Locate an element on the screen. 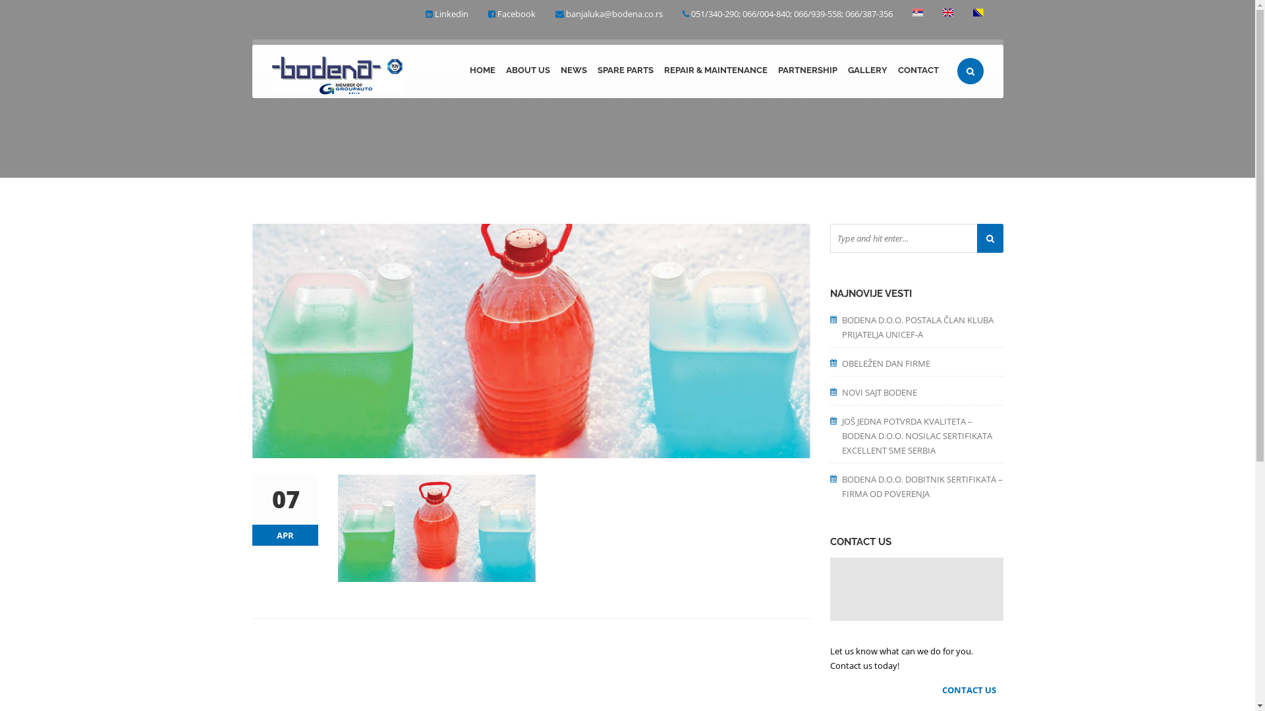 This screenshot has height=711, width=1265. 'ABOUT US' is located at coordinates (528, 71).